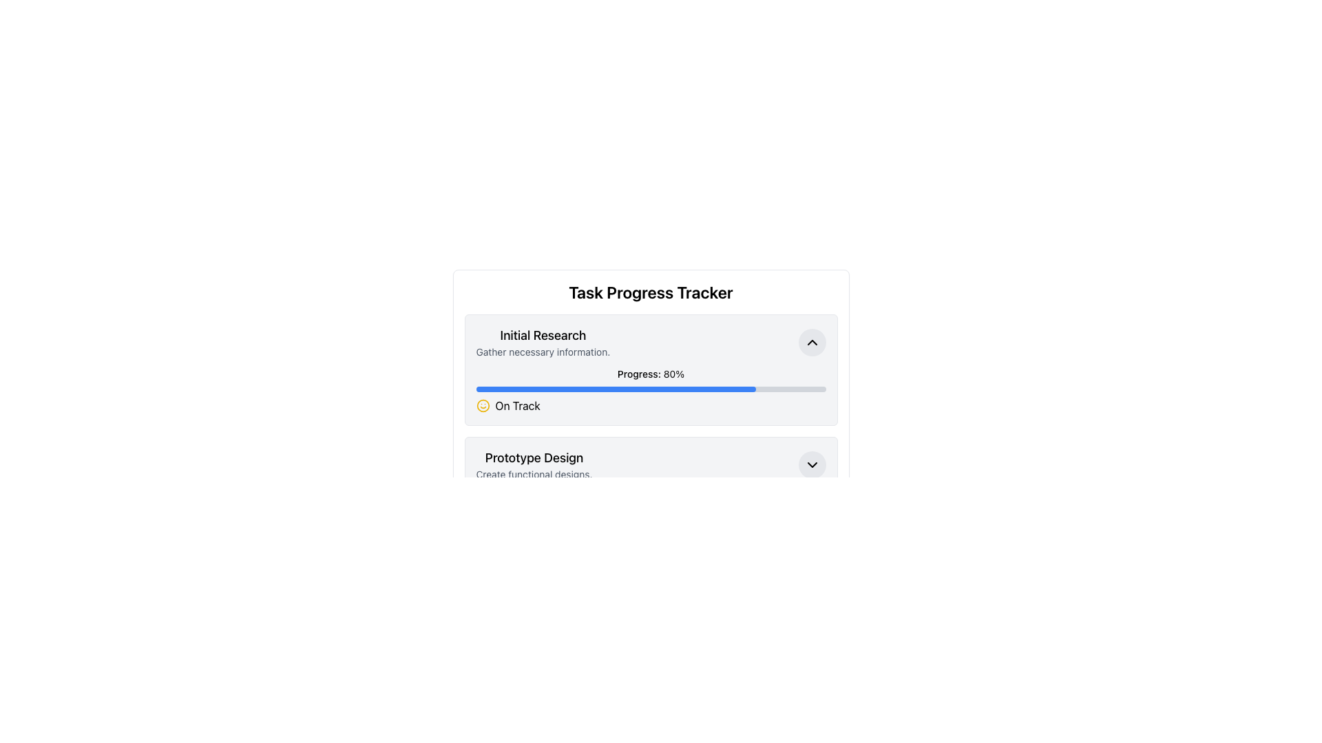  What do you see at coordinates (638, 374) in the screenshot?
I see `the text label displaying 'Progress:' which is bold and part of the text block that includes 'Progress: 80%'` at bounding box center [638, 374].